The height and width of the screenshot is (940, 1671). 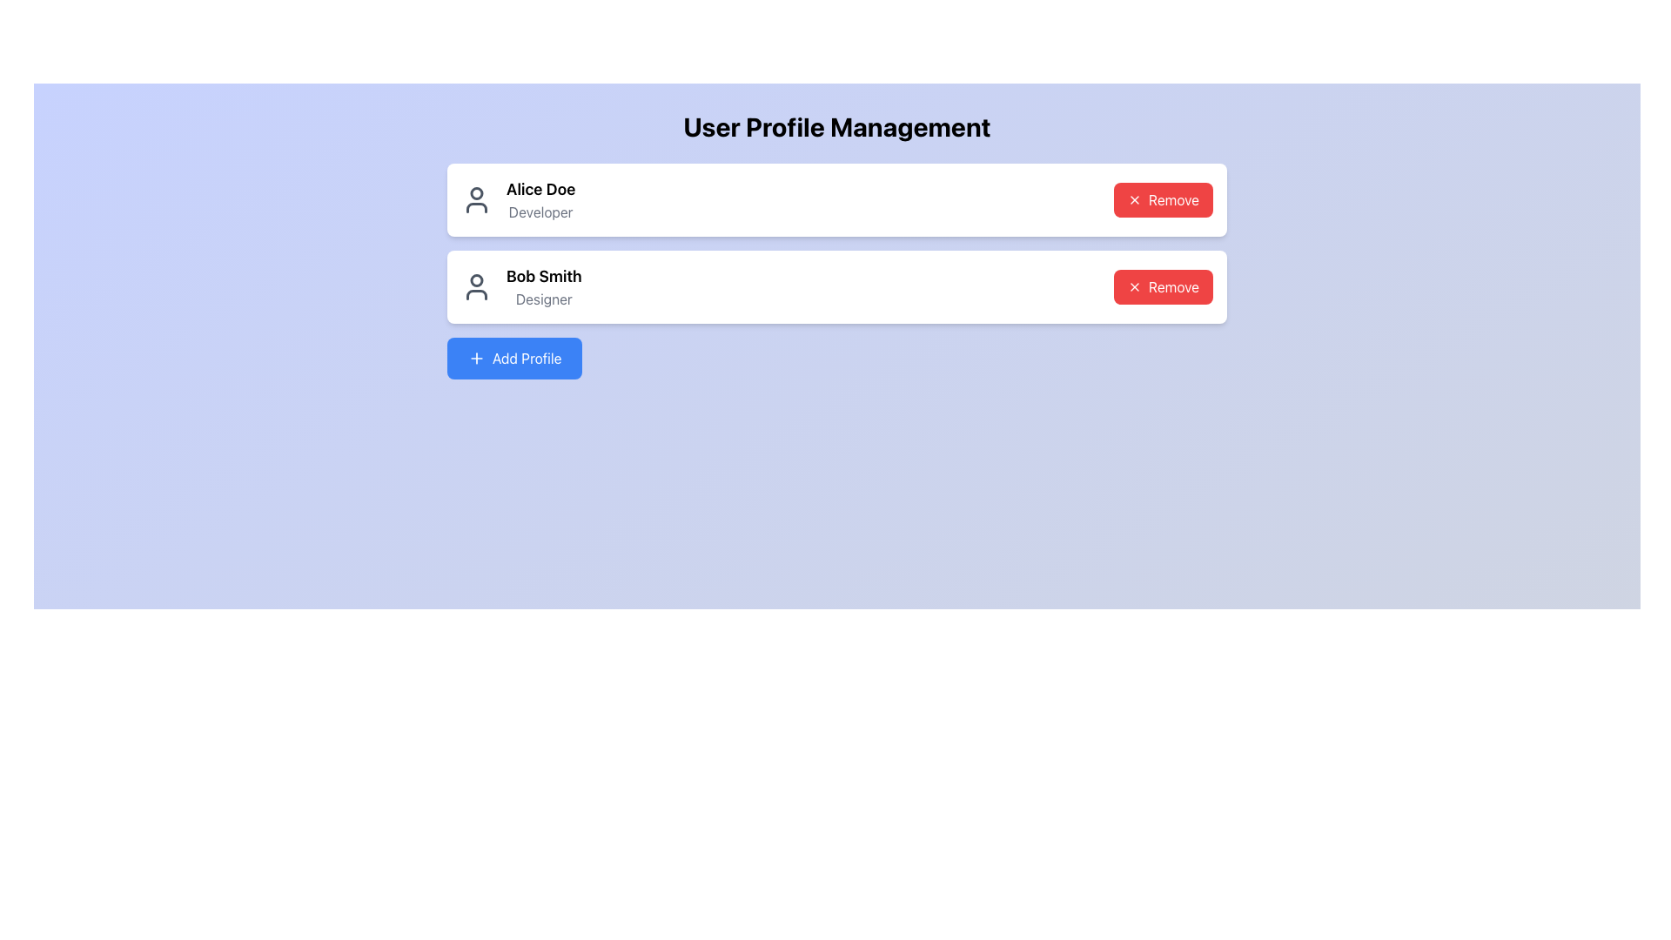 I want to click on the circular icon representing the profile picture of the user 'Bob Smith' in the user profile section, so click(x=476, y=279).